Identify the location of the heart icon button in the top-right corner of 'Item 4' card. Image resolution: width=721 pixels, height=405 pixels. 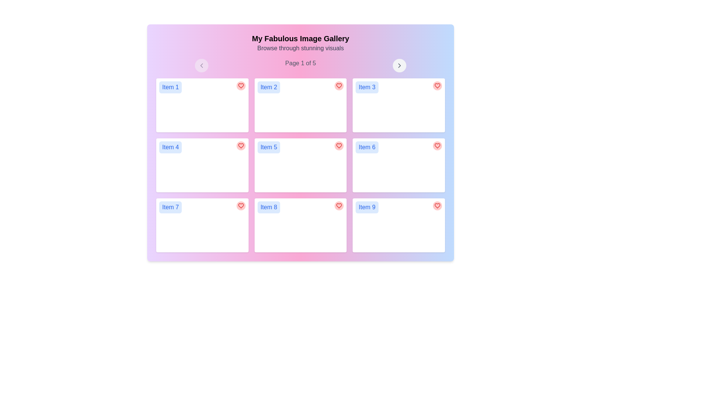
(241, 146).